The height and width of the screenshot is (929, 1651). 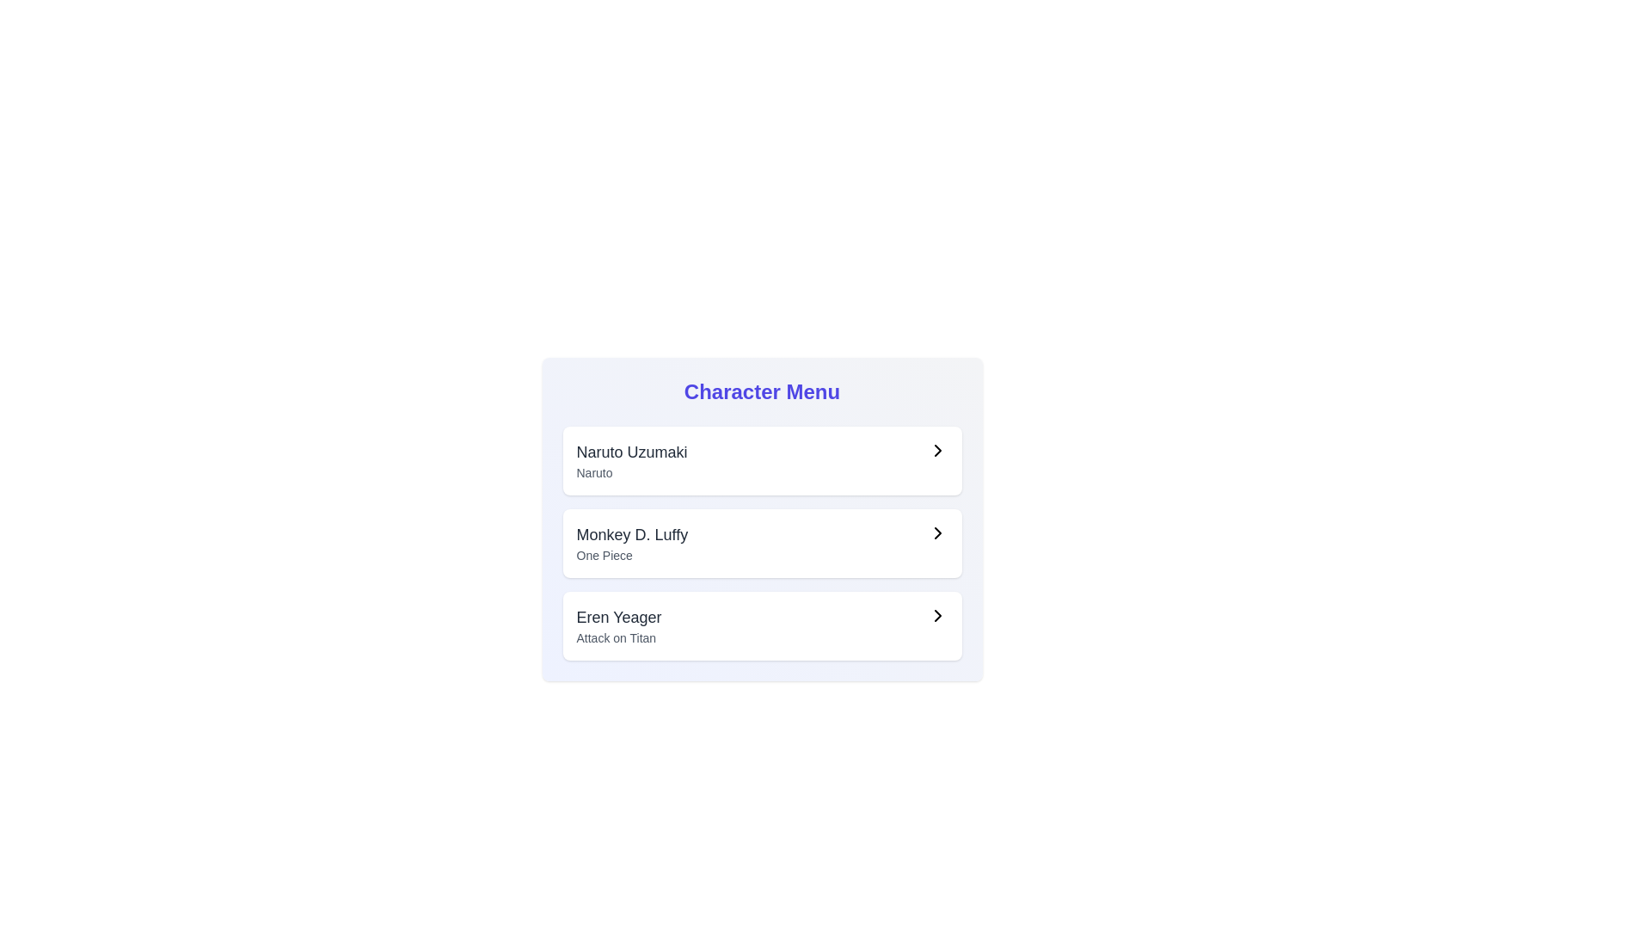 I want to click on the chevron icon indicating expandable options in the 'Character Menu' list, aligned with 'Eren Yeager' and 'Attack on Titan', so click(x=936, y=615).